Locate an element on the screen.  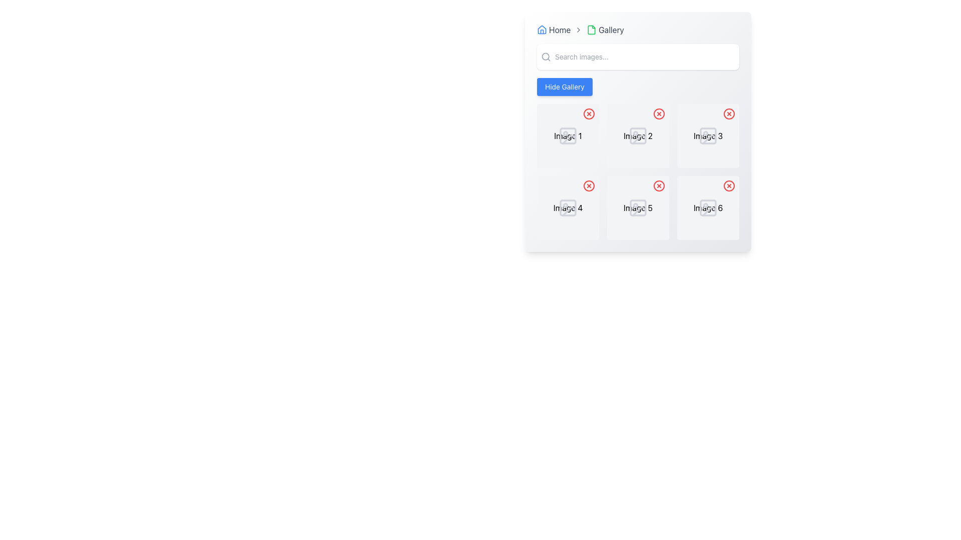
the text label displaying 'Image 4', which is styled in a standard font and located below a placeholder image in the grid layout is located at coordinates (568, 207).